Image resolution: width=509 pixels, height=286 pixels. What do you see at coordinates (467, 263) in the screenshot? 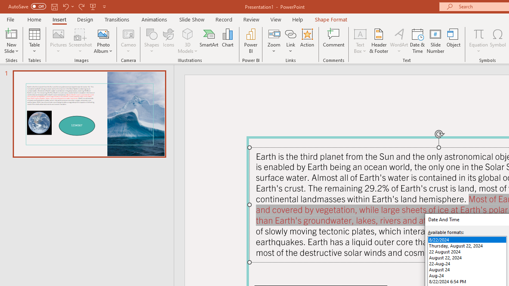
I see `'22-Aug-24'` at bounding box center [467, 263].